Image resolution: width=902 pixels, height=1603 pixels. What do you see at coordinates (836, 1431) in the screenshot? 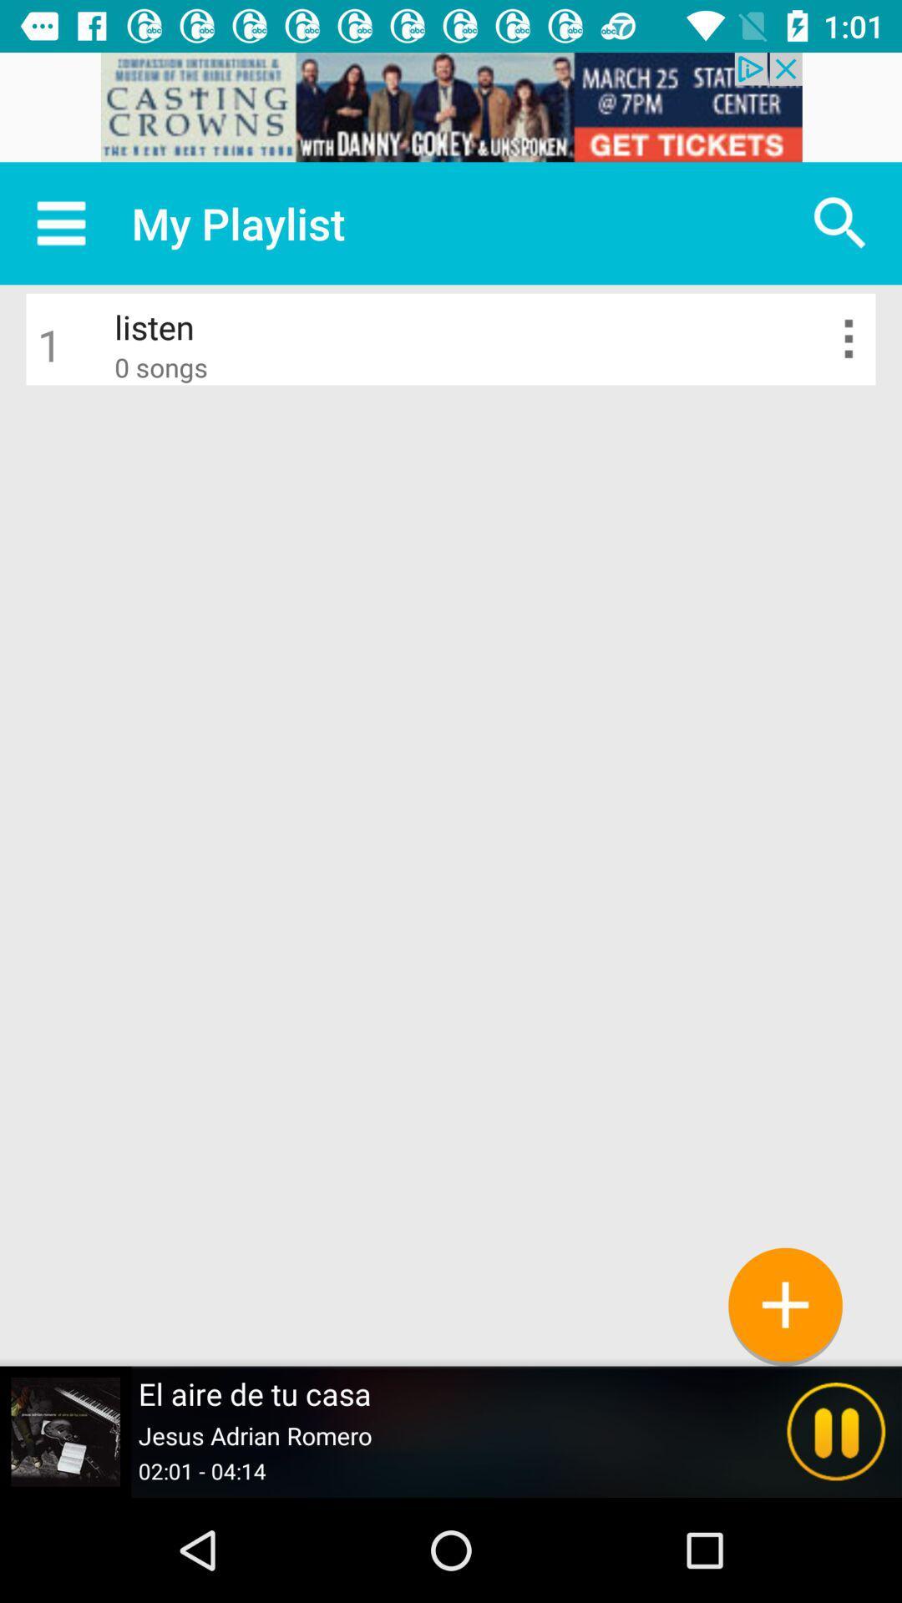
I see `the pause icon` at bounding box center [836, 1431].